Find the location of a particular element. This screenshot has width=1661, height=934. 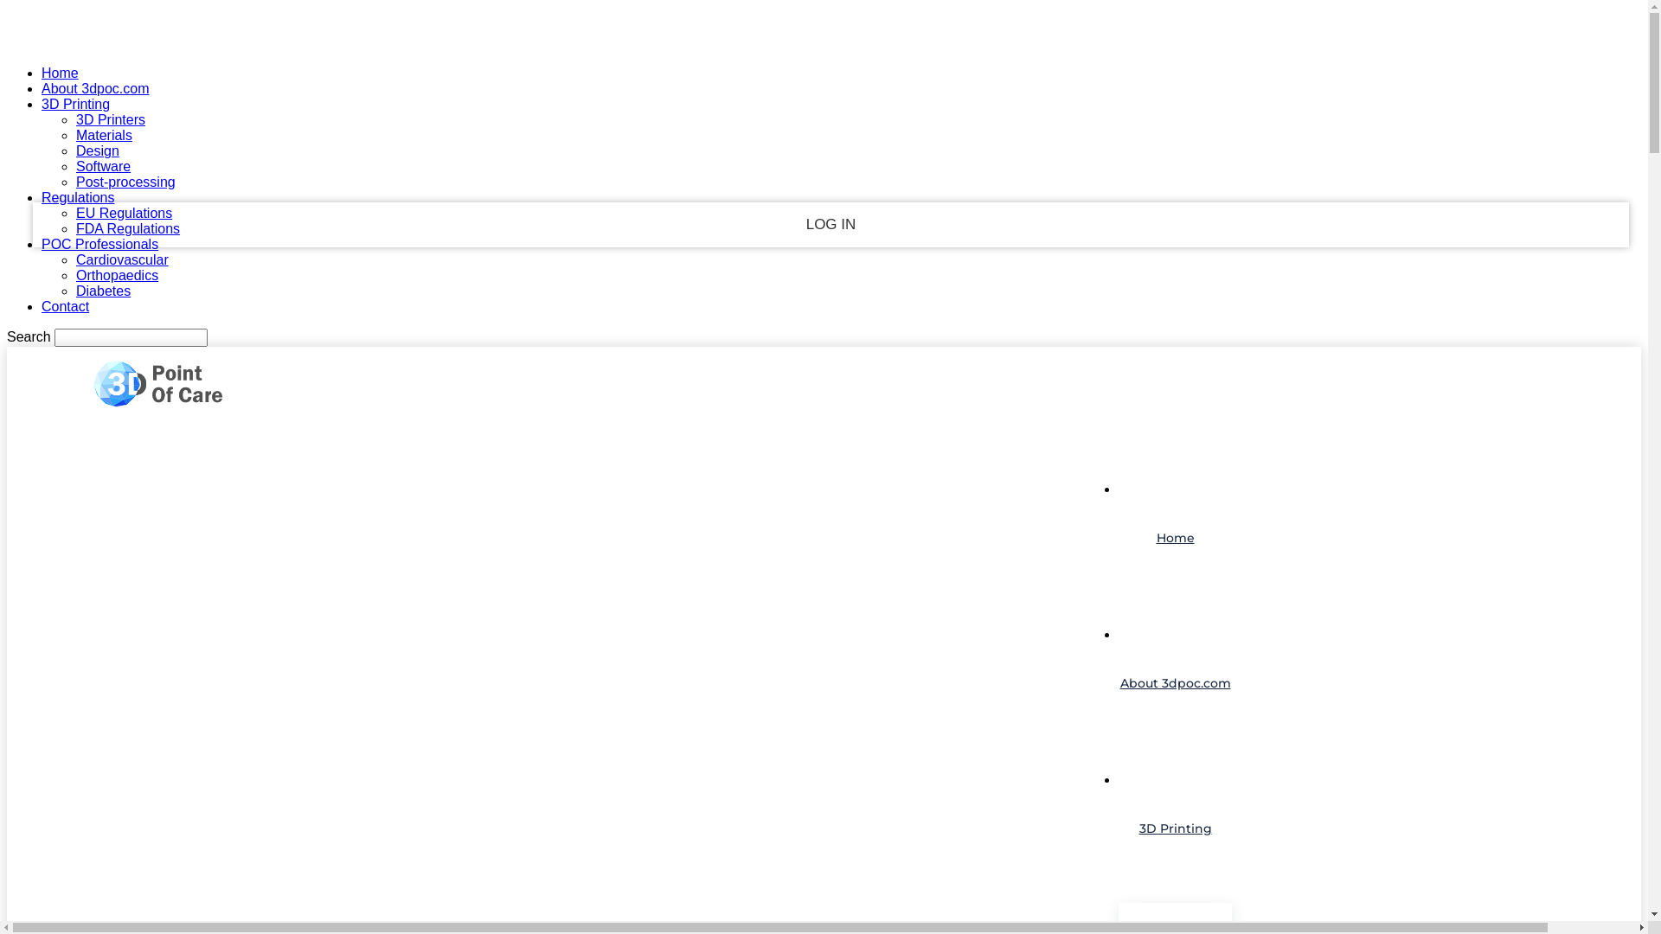

'Home' is located at coordinates (60, 72).